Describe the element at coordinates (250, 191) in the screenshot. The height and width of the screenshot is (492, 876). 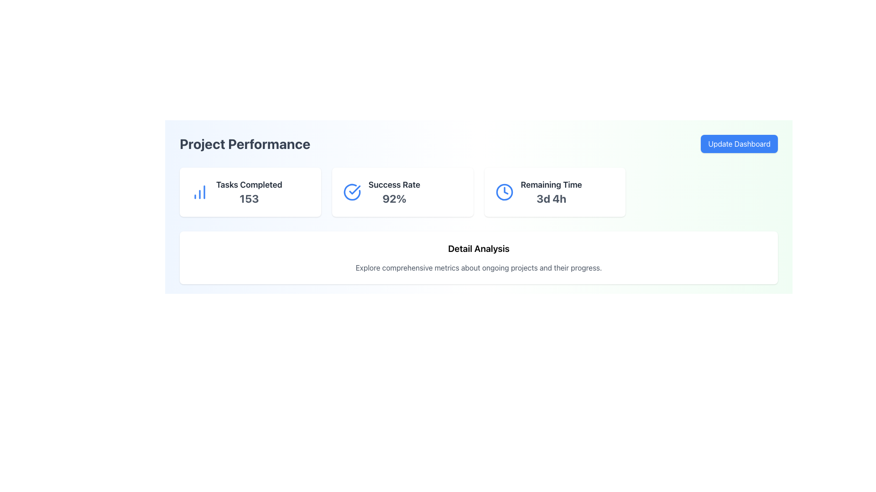
I see `the 'Tasks Completed' card, which displays the metric '153' in a larger font and is located in the top-left quadrant of the grid, to associate this metric with related data` at that location.